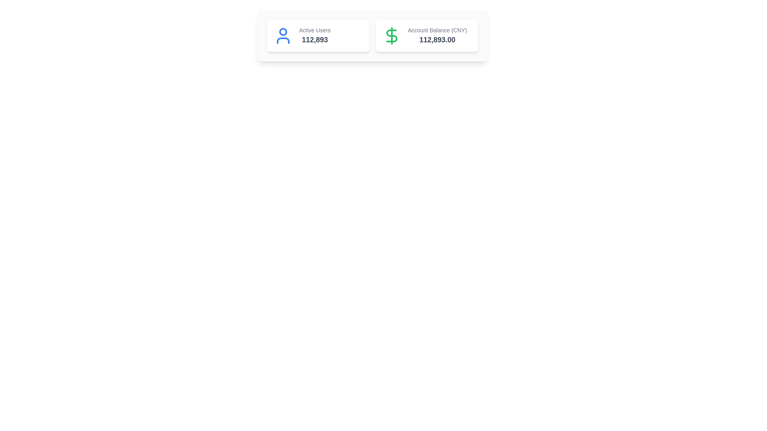  Describe the element at coordinates (314, 40) in the screenshot. I see `the bold, large-sized text displaying the number '112,893', which is styled in dark gray and positioned below the label 'Active Users'` at that location.